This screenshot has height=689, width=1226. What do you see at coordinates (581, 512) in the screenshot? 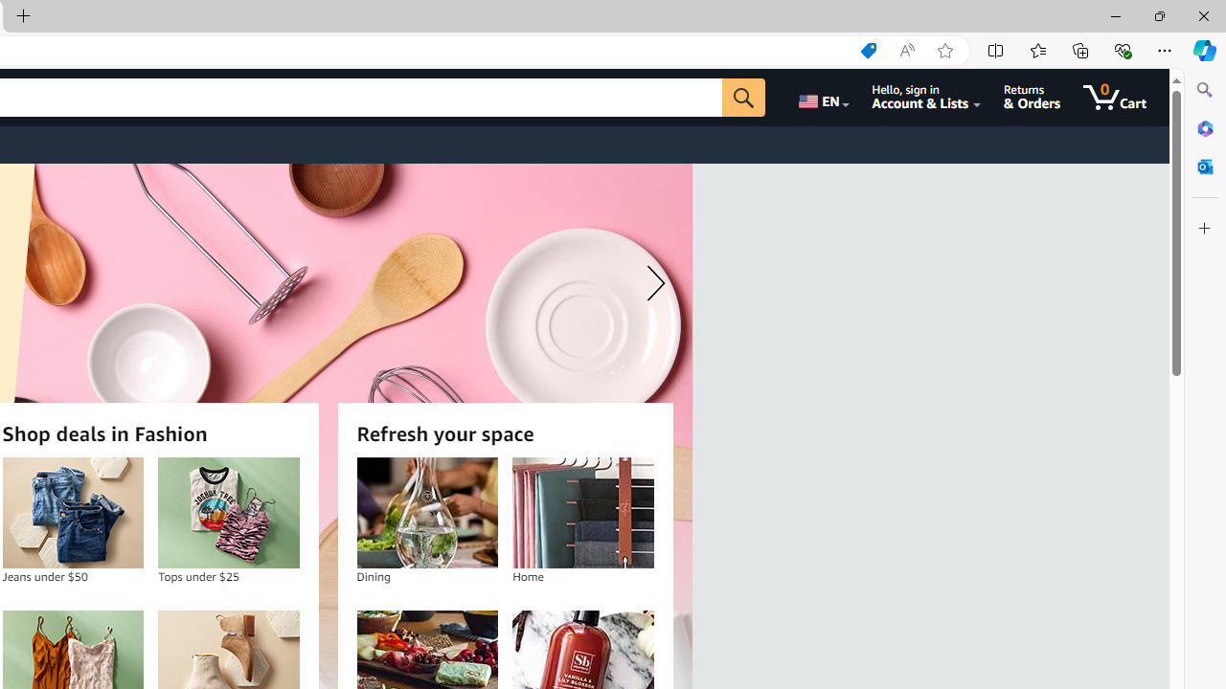
I see `'Home'` at bounding box center [581, 512].